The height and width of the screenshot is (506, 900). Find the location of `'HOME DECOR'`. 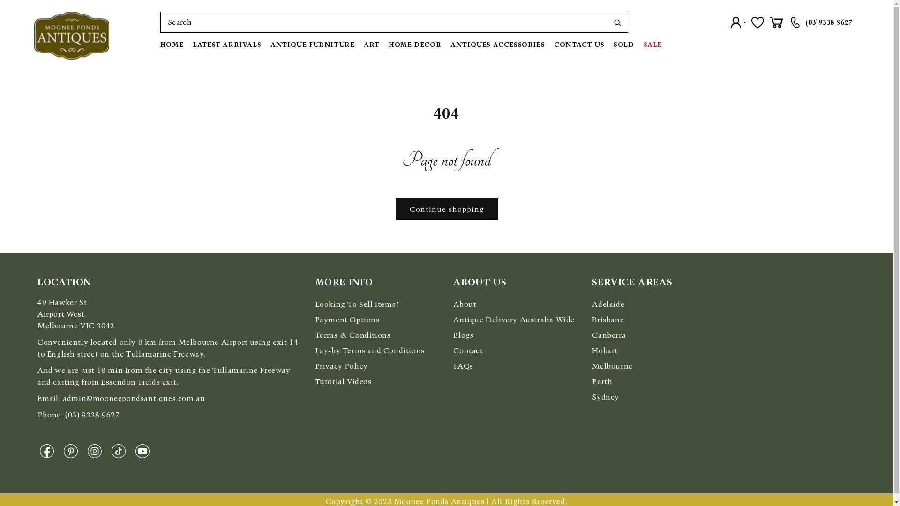

'HOME DECOR' is located at coordinates (414, 45).